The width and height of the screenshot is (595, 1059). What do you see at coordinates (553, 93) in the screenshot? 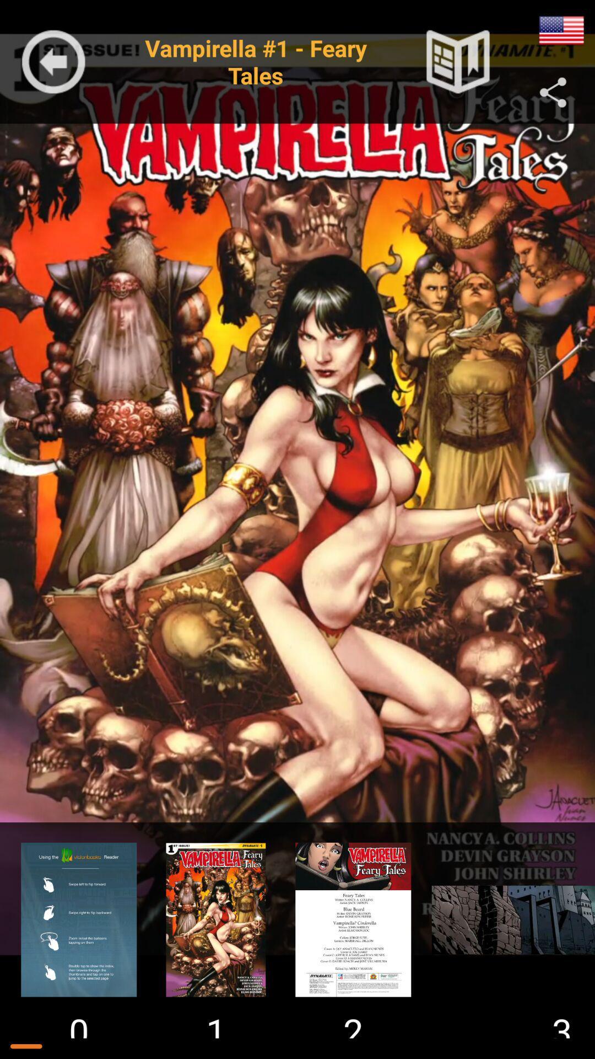
I see `share the article` at bounding box center [553, 93].